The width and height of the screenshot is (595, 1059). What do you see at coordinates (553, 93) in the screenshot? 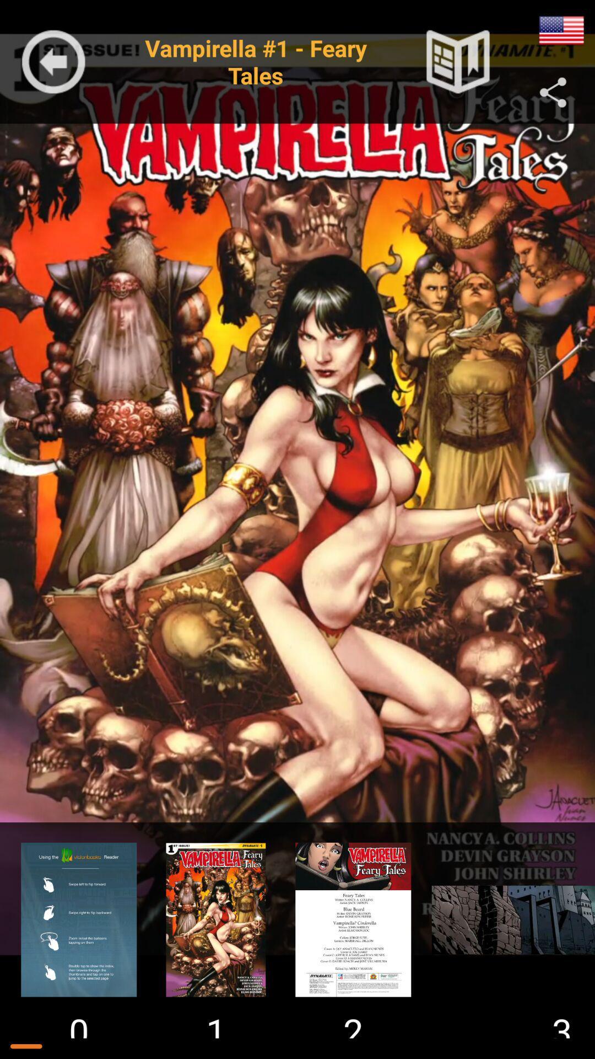
I see `share the article` at bounding box center [553, 93].